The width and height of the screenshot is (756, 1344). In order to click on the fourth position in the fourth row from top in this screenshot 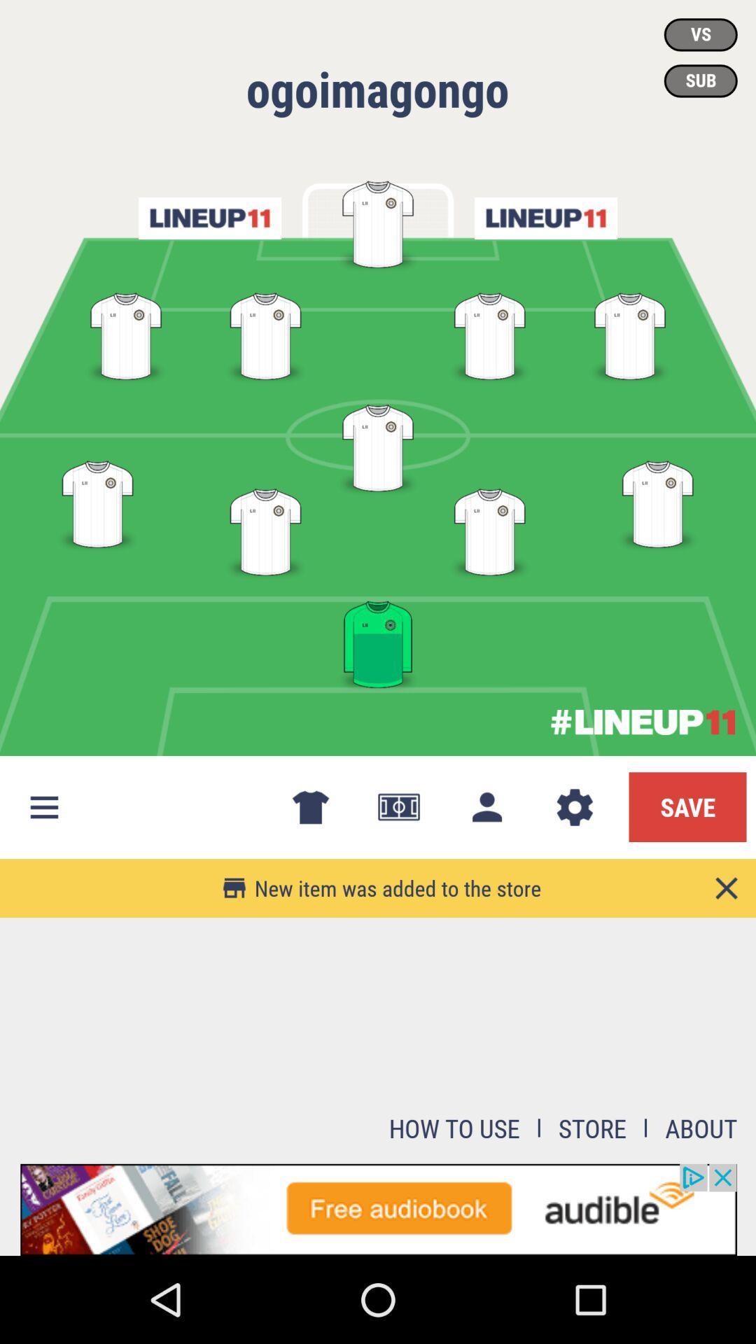, I will do `click(658, 501)`.